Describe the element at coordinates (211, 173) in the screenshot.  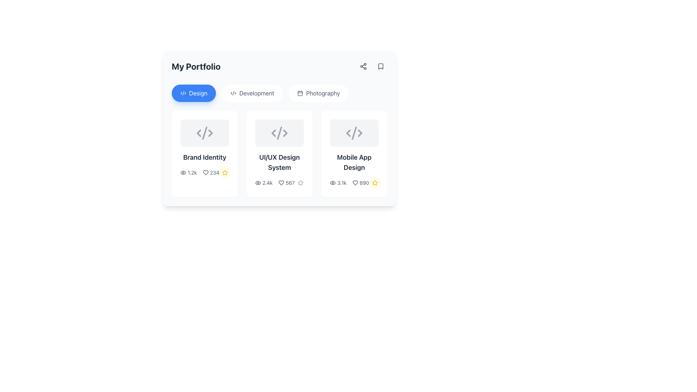
I see `the metric display text paired with an icon that represents a count or metric for 'Brand Identity', located centrally within the card component` at that location.